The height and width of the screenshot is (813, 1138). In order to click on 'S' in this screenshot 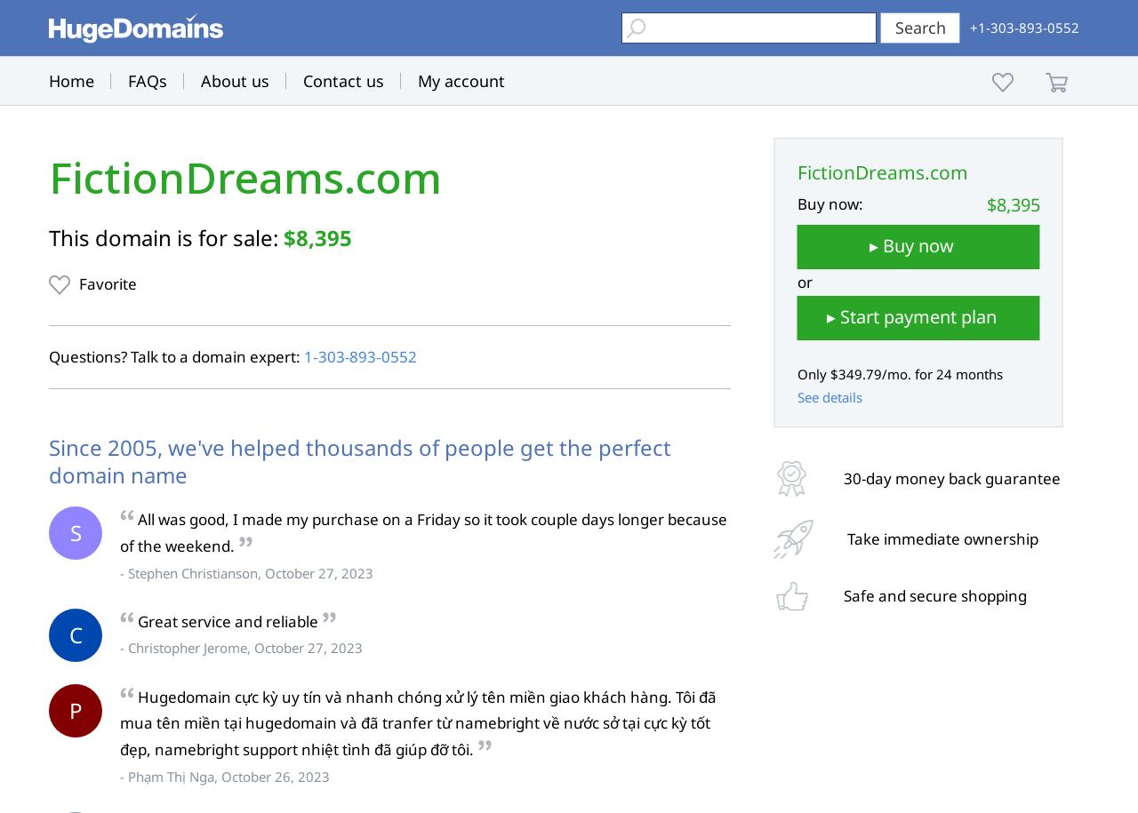, I will do `click(68, 531)`.